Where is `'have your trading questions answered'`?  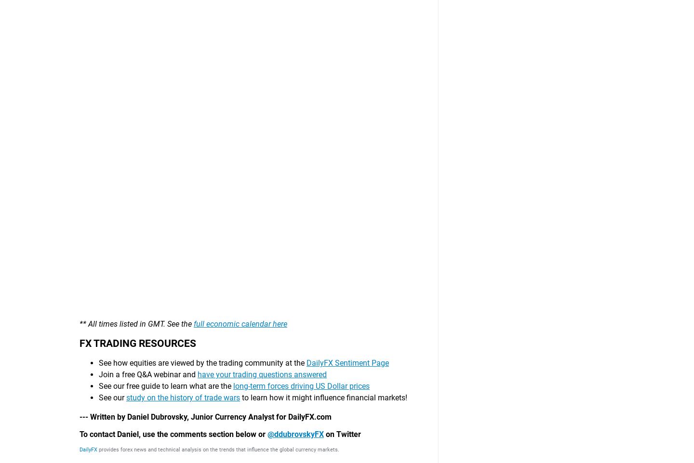 'have your trading questions answered' is located at coordinates (262, 42).